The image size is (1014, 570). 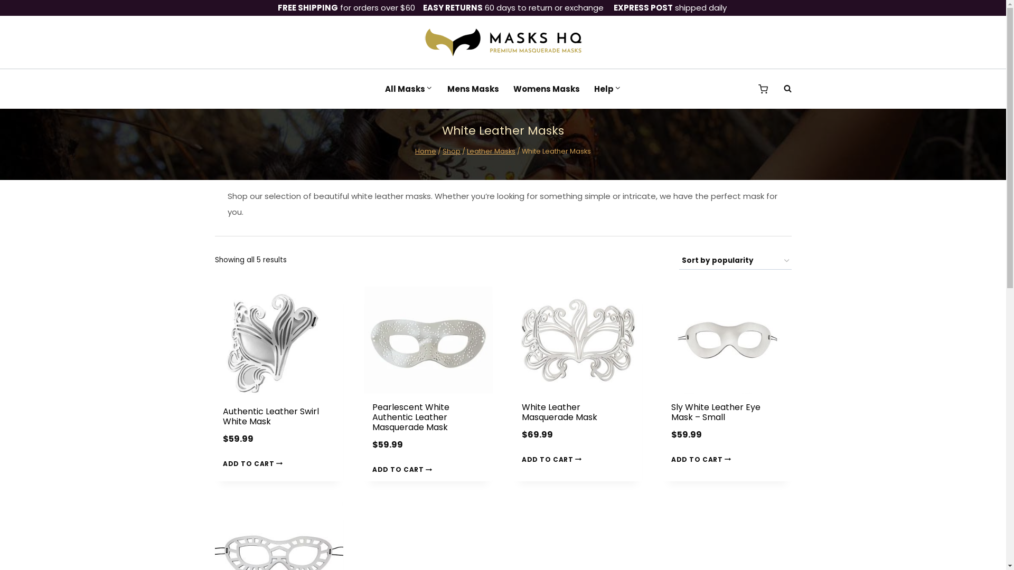 I want to click on 'ADD TO CART', so click(x=552, y=459).